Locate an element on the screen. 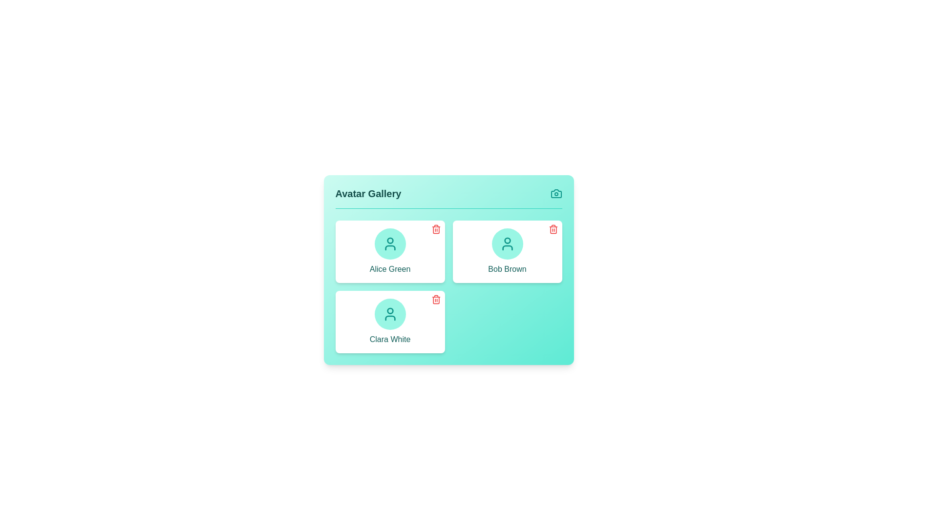  the camera icon located at the top-right corner of the teal header section in the 'Avatar Gallery' card is located at coordinates (556, 194).